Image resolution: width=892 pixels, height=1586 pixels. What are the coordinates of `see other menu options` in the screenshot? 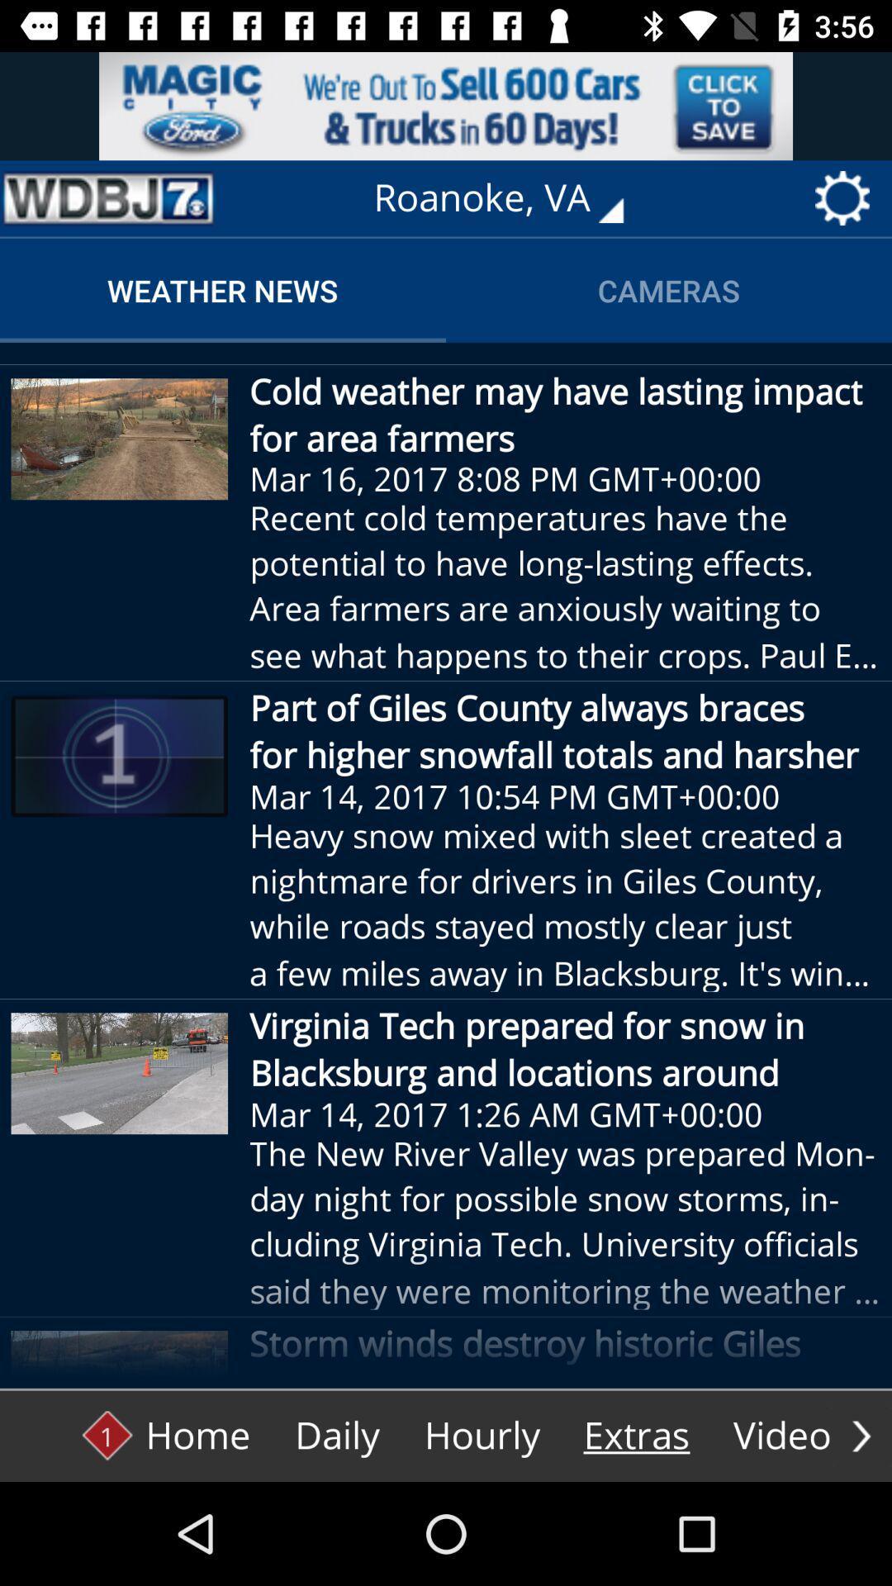 It's located at (861, 1435).